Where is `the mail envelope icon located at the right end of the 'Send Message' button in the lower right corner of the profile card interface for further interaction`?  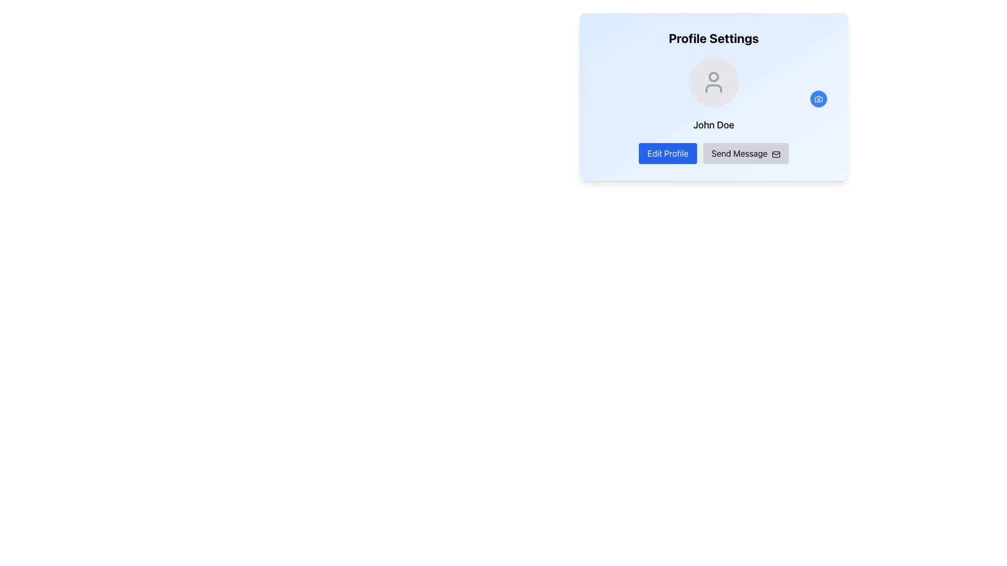
the mail envelope icon located at the right end of the 'Send Message' button in the lower right corner of the profile card interface for further interaction is located at coordinates (776, 154).